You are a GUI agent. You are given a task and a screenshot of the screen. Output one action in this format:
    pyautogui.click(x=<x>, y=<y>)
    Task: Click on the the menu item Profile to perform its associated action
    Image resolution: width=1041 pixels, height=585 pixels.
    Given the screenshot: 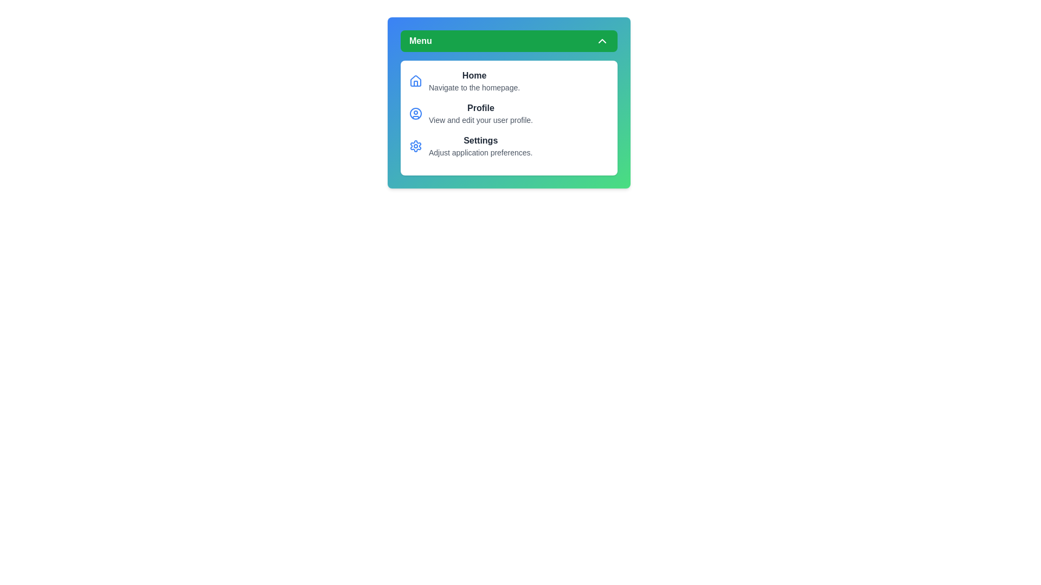 What is the action you would take?
    pyautogui.click(x=480, y=113)
    